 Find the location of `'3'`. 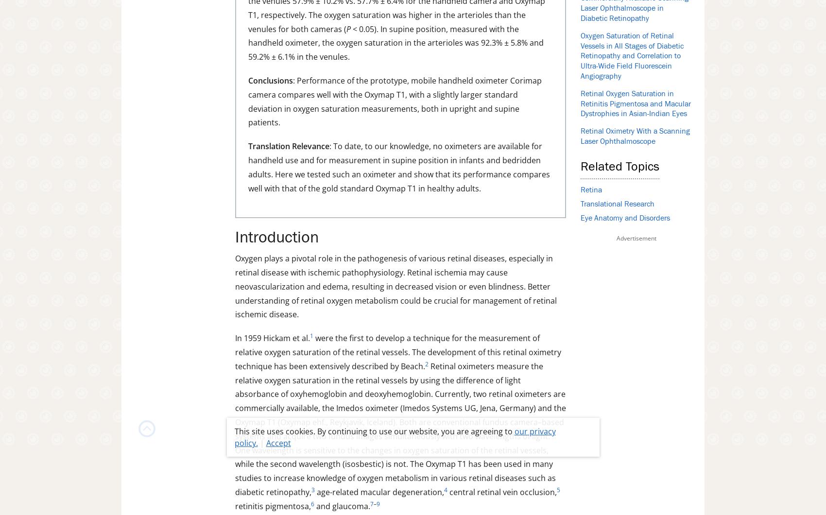

'3' is located at coordinates (313, 489).